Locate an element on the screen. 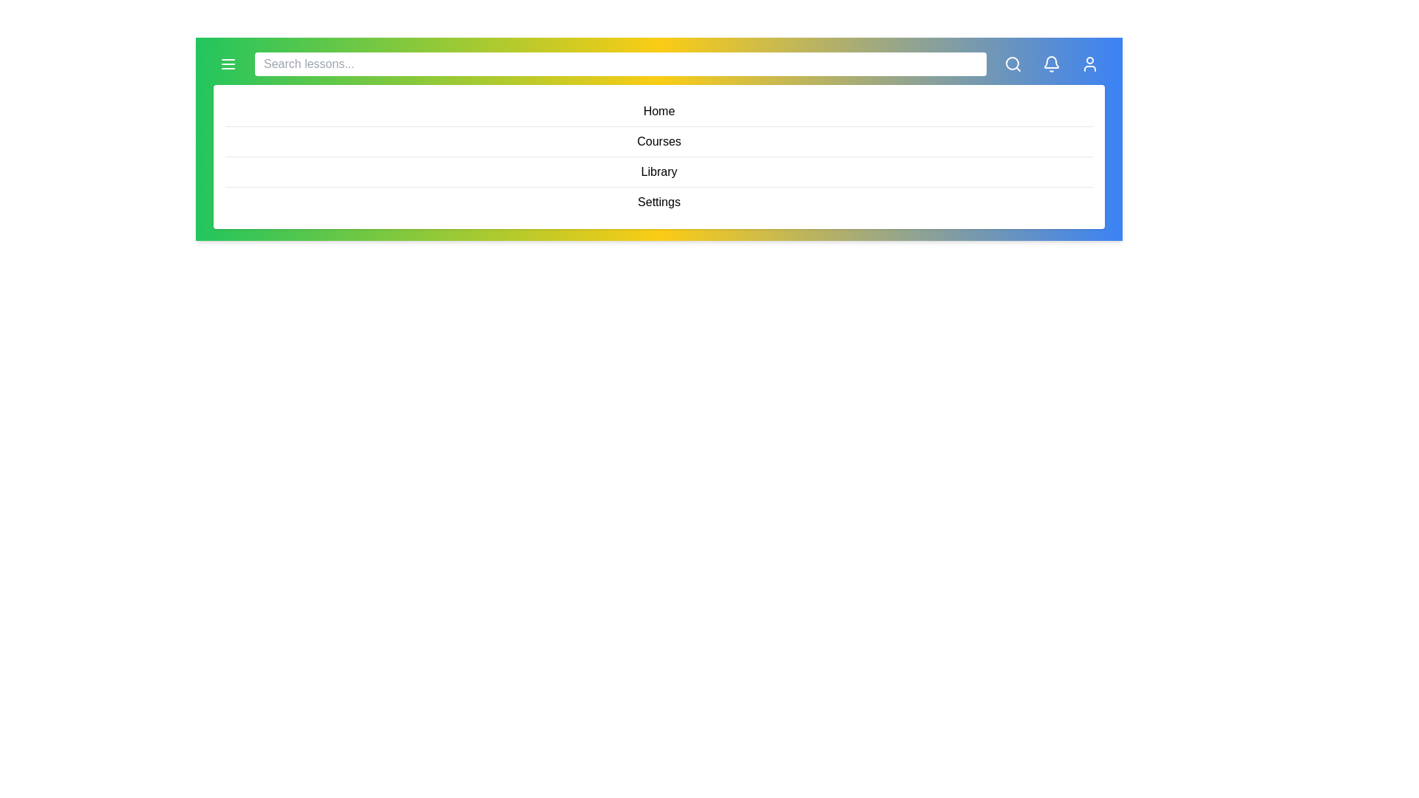  the search field to select its text is located at coordinates (621, 64).